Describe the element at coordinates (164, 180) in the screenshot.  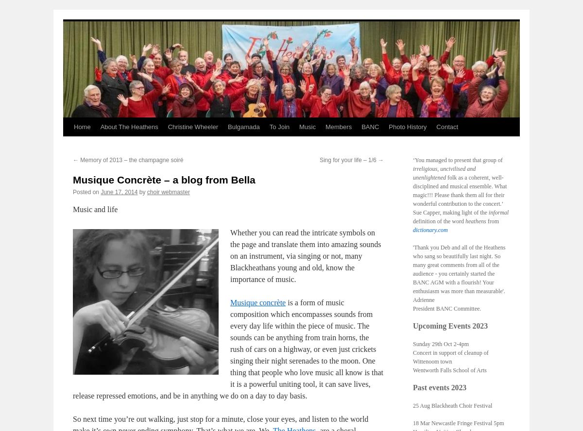
I see `'Musique Concrète – a blog from Bella'` at that location.